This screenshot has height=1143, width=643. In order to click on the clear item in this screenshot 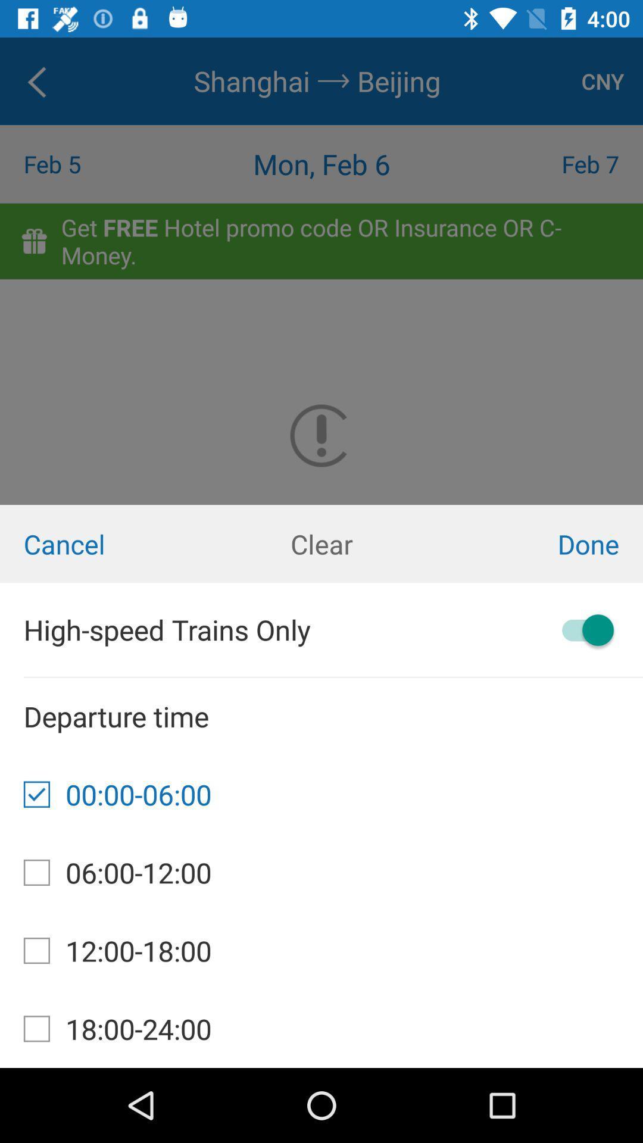, I will do `click(321, 543)`.